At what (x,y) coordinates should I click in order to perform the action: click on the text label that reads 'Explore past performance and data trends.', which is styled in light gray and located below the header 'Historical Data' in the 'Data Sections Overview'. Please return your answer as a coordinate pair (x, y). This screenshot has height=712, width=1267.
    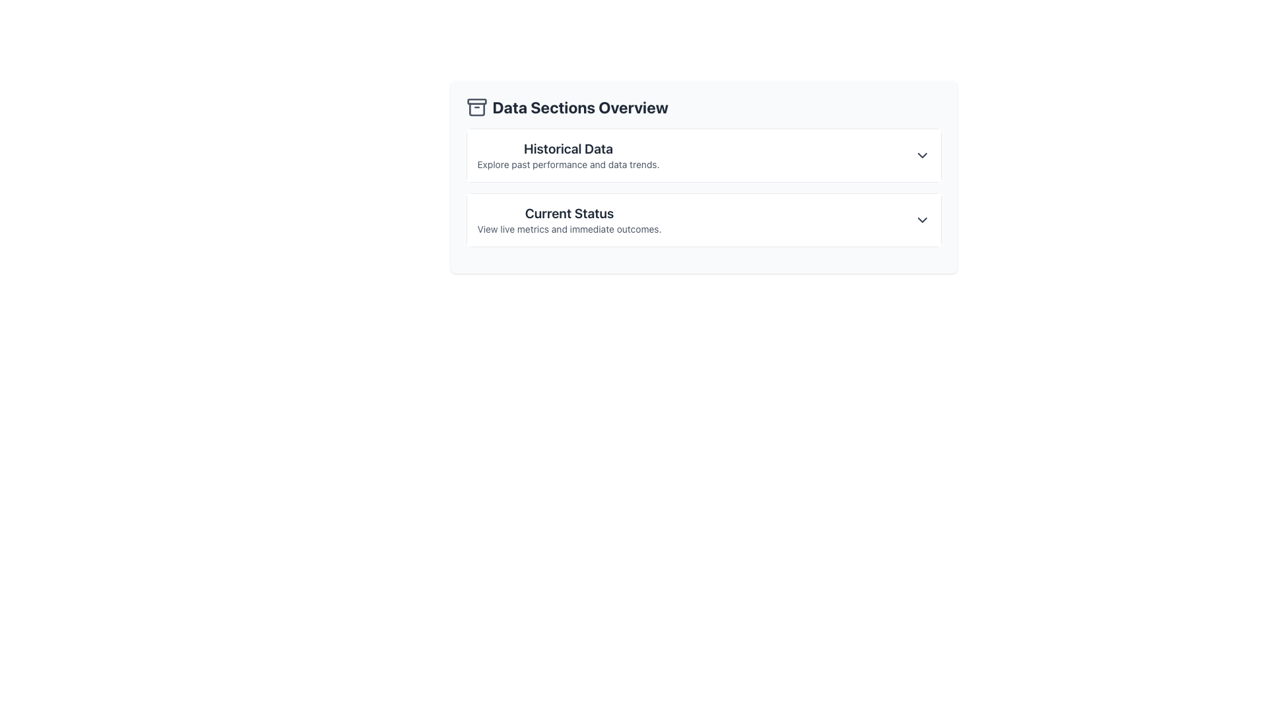
    Looking at the image, I should click on (568, 164).